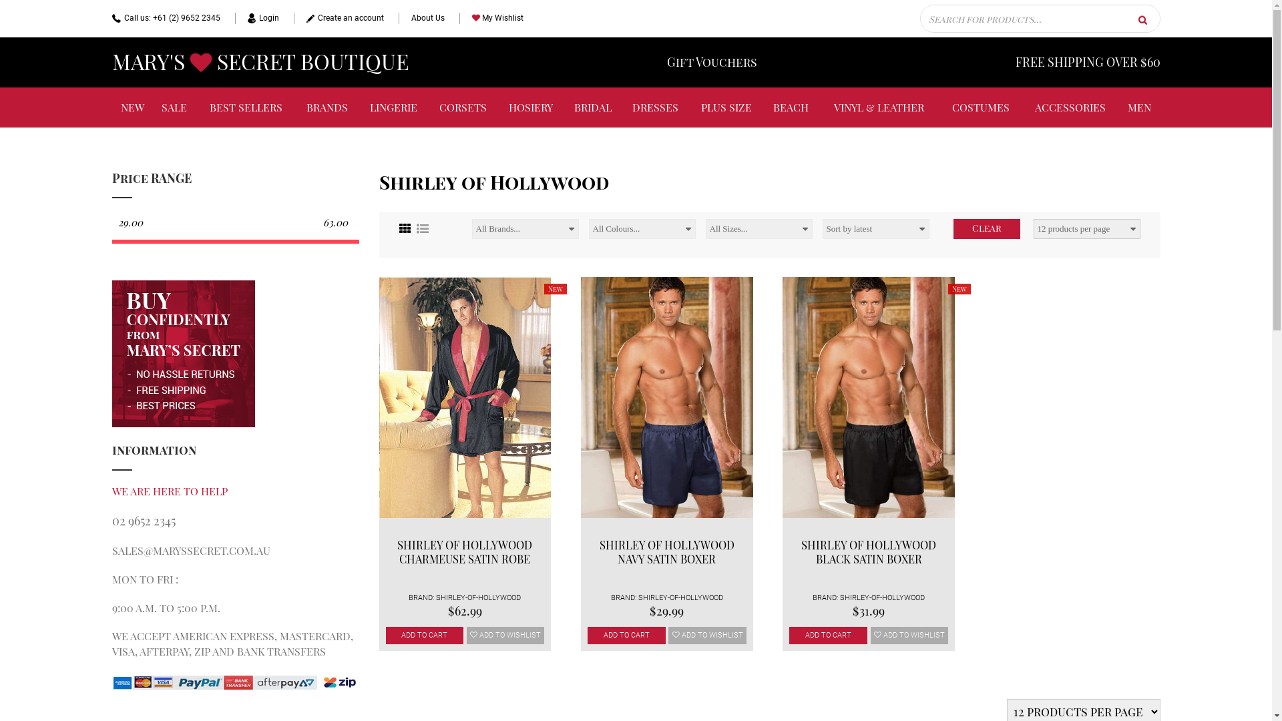  I want to click on 'About Us', so click(397, 18).